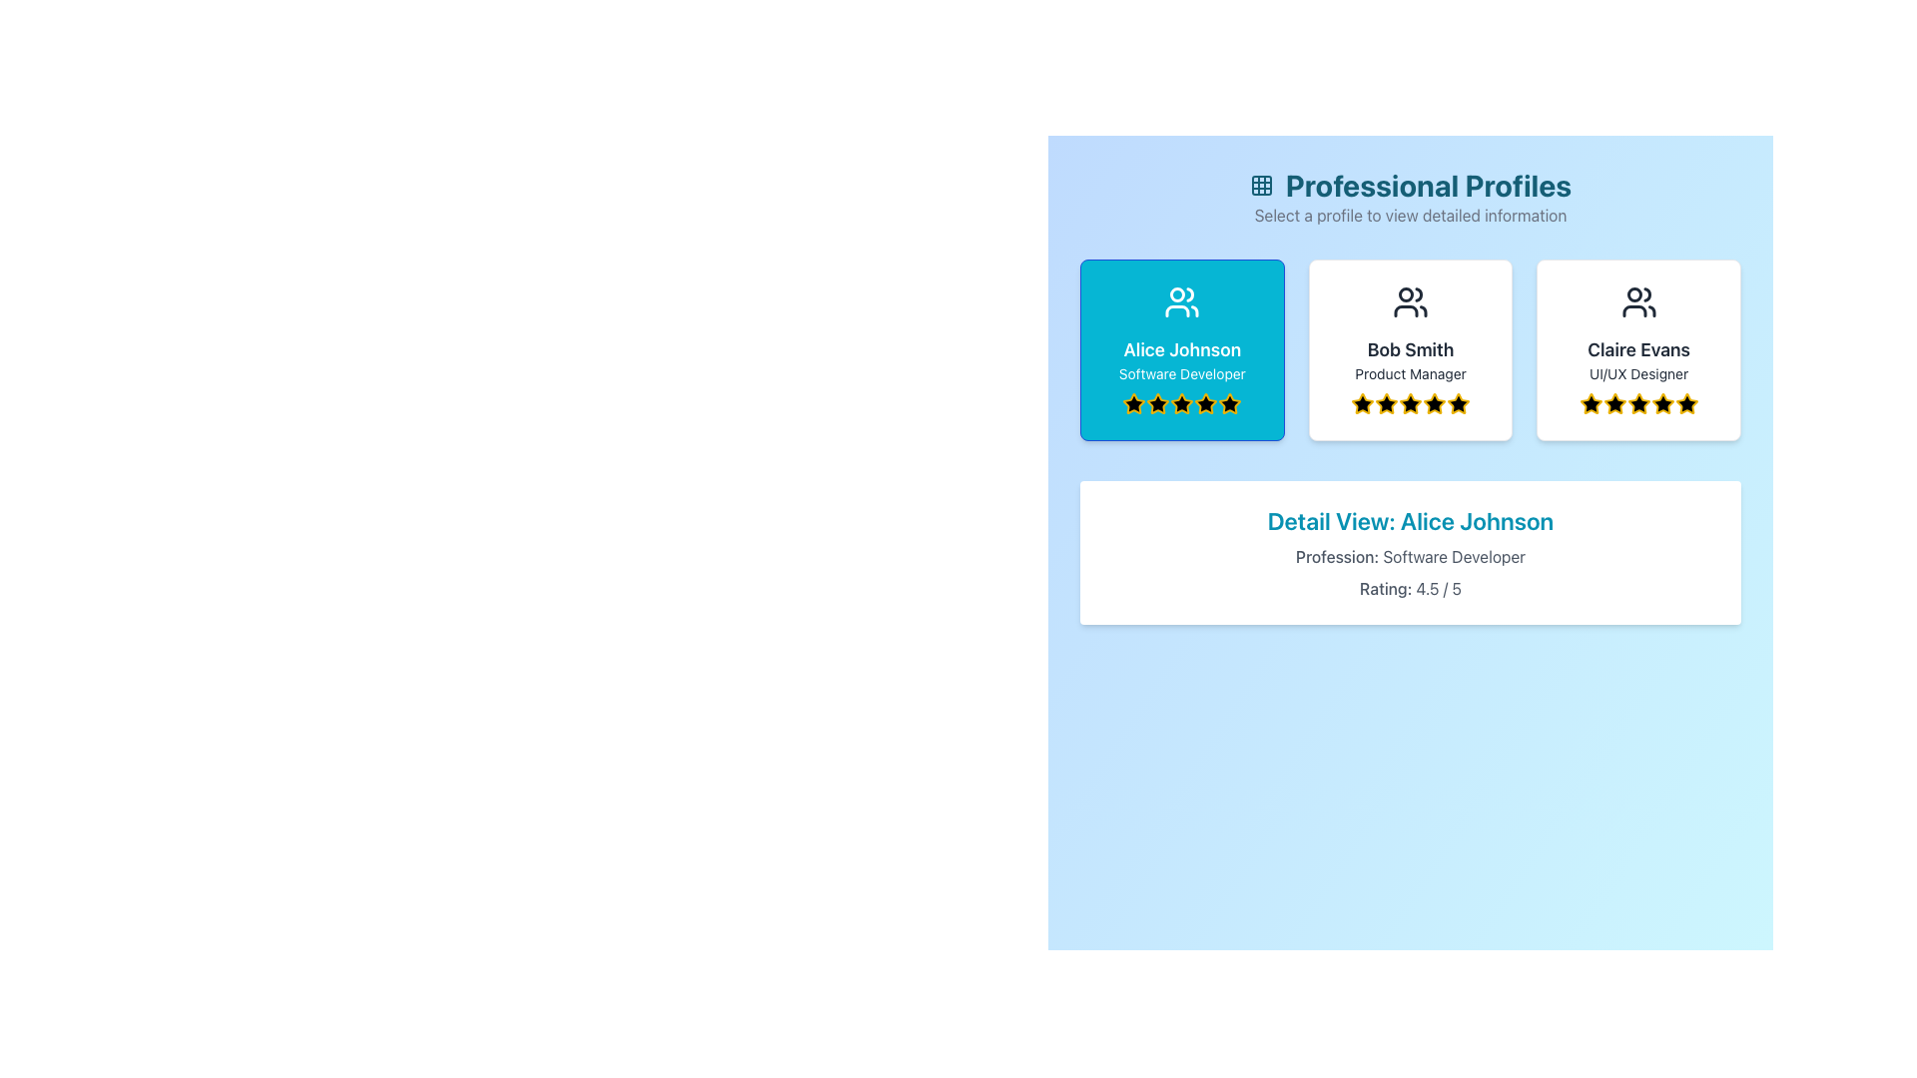 The image size is (1917, 1078). I want to click on the third yellow star-shaped rating icon in the rating section of the 'Claire Evans - UI/UX Designer' card, so click(1638, 404).